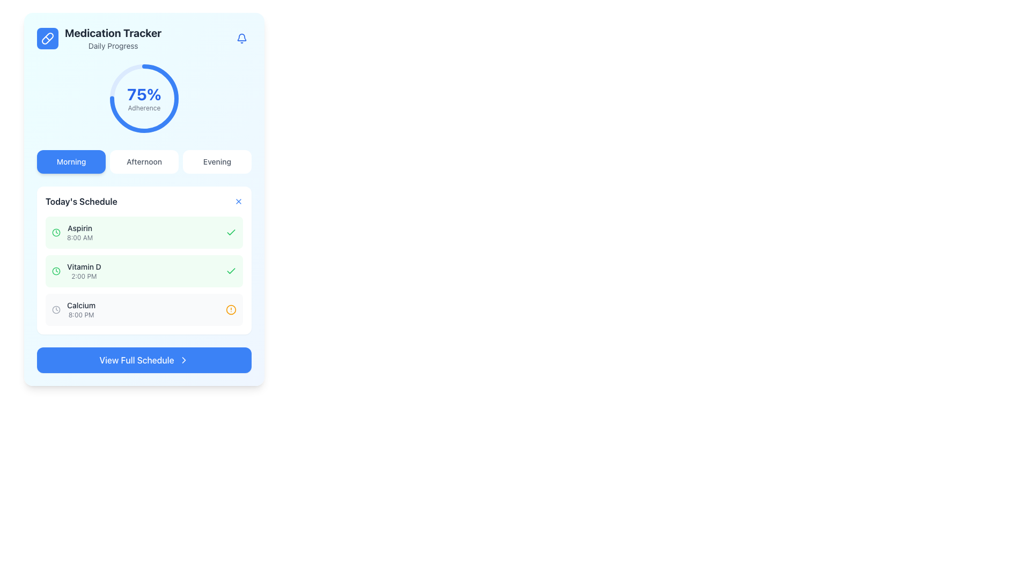 This screenshot has height=579, width=1030. What do you see at coordinates (143, 270) in the screenshot?
I see `the 'Vitamin D' list item card, which is the second item` at bounding box center [143, 270].